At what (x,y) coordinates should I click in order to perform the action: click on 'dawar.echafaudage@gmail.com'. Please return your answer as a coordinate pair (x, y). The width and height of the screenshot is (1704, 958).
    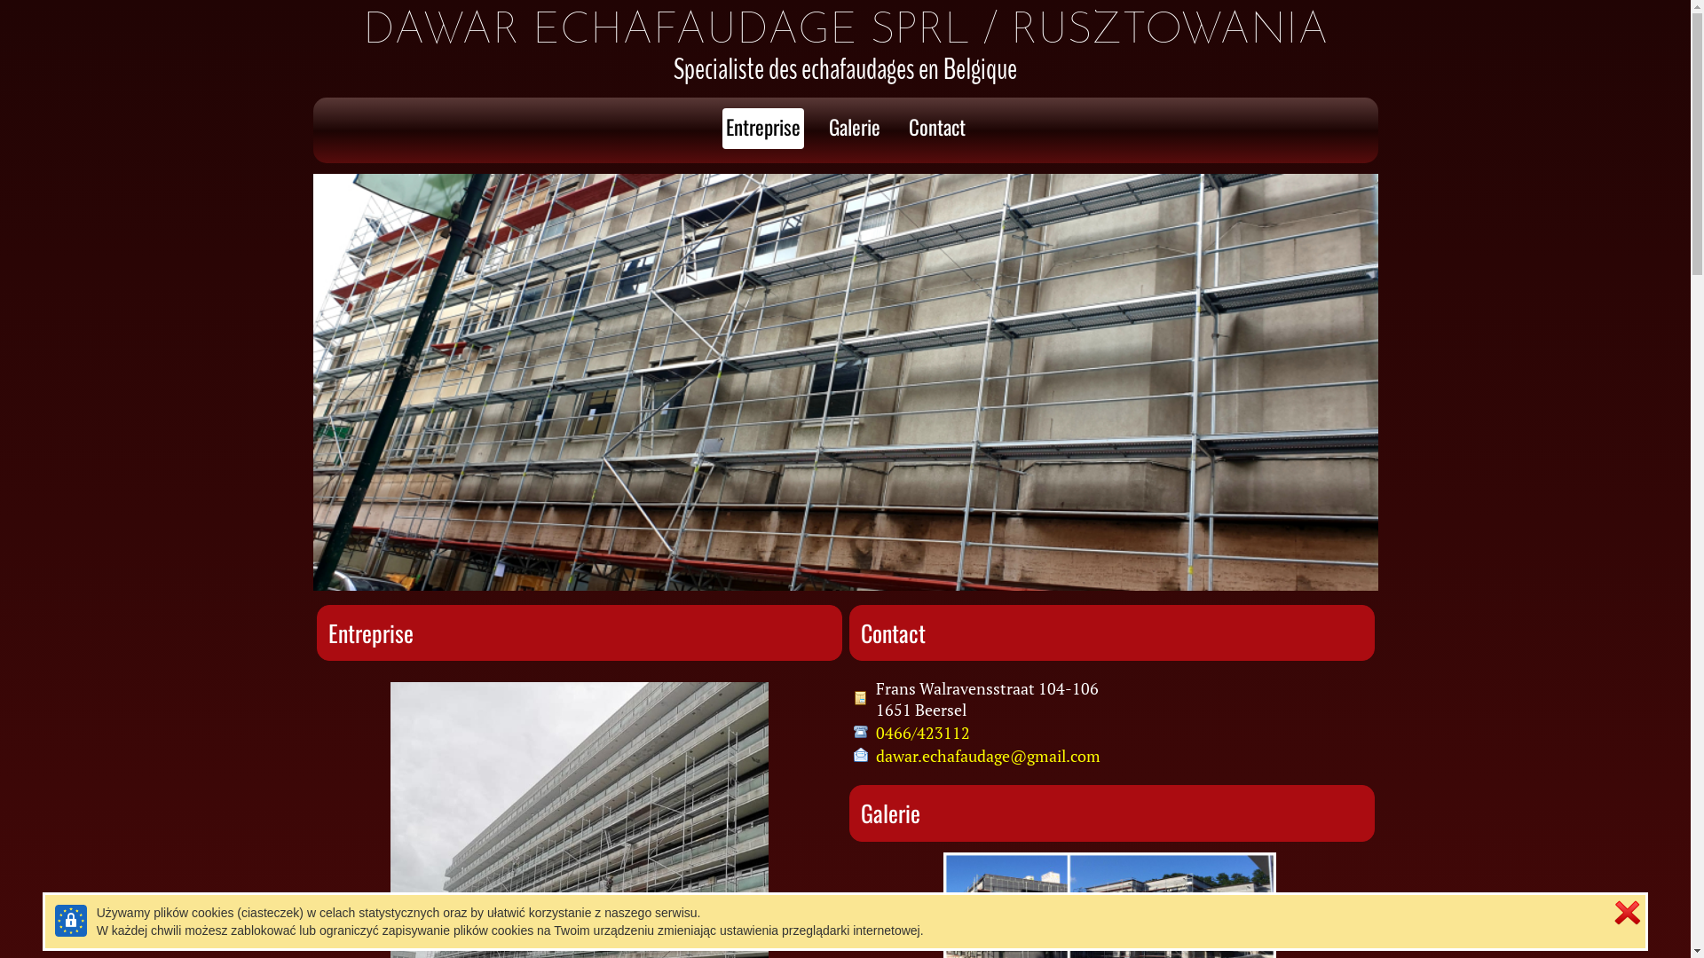
    Looking at the image, I should click on (986, 756).